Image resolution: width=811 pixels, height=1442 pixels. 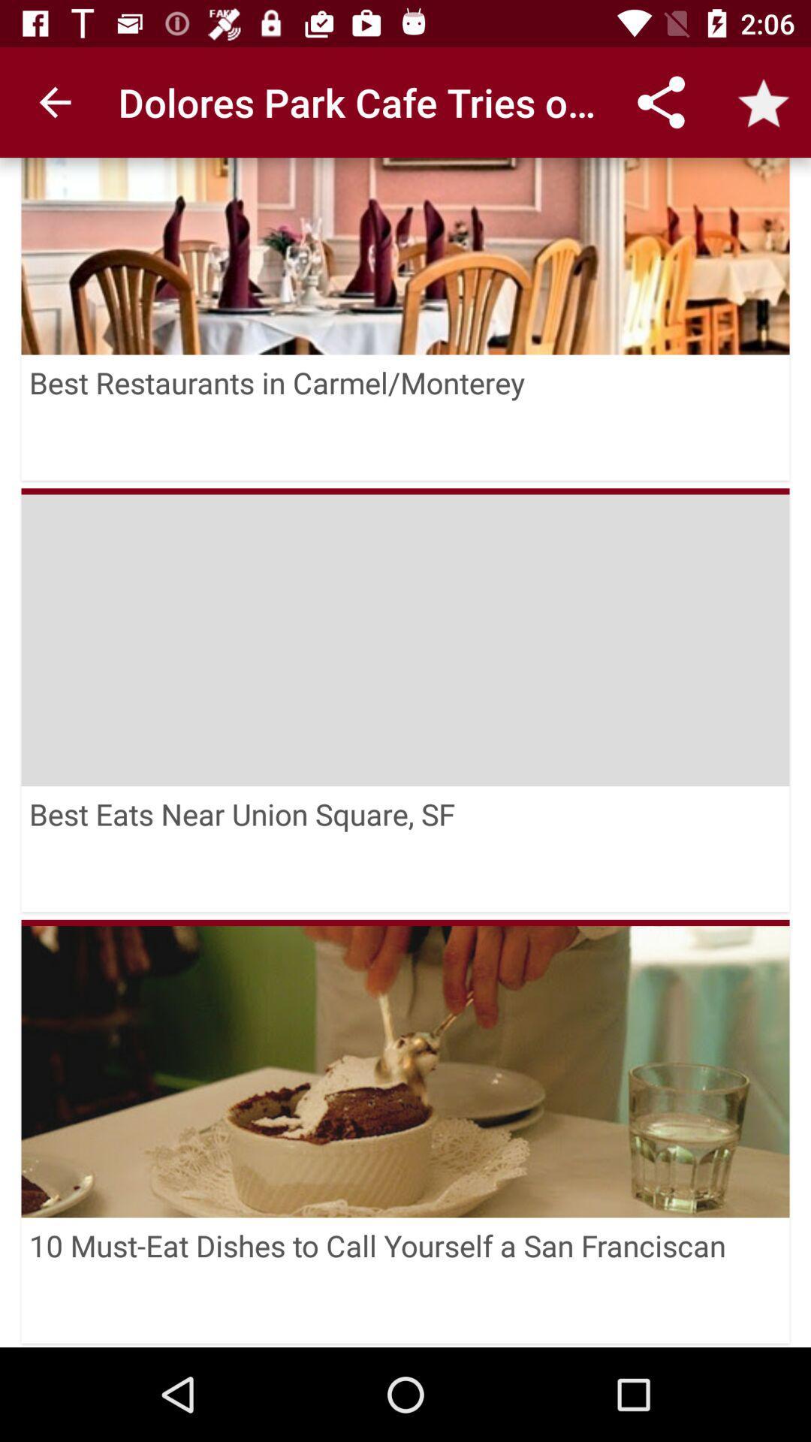 I want to click on the icon above 10 must eat icon, so click(x=405, y=922).